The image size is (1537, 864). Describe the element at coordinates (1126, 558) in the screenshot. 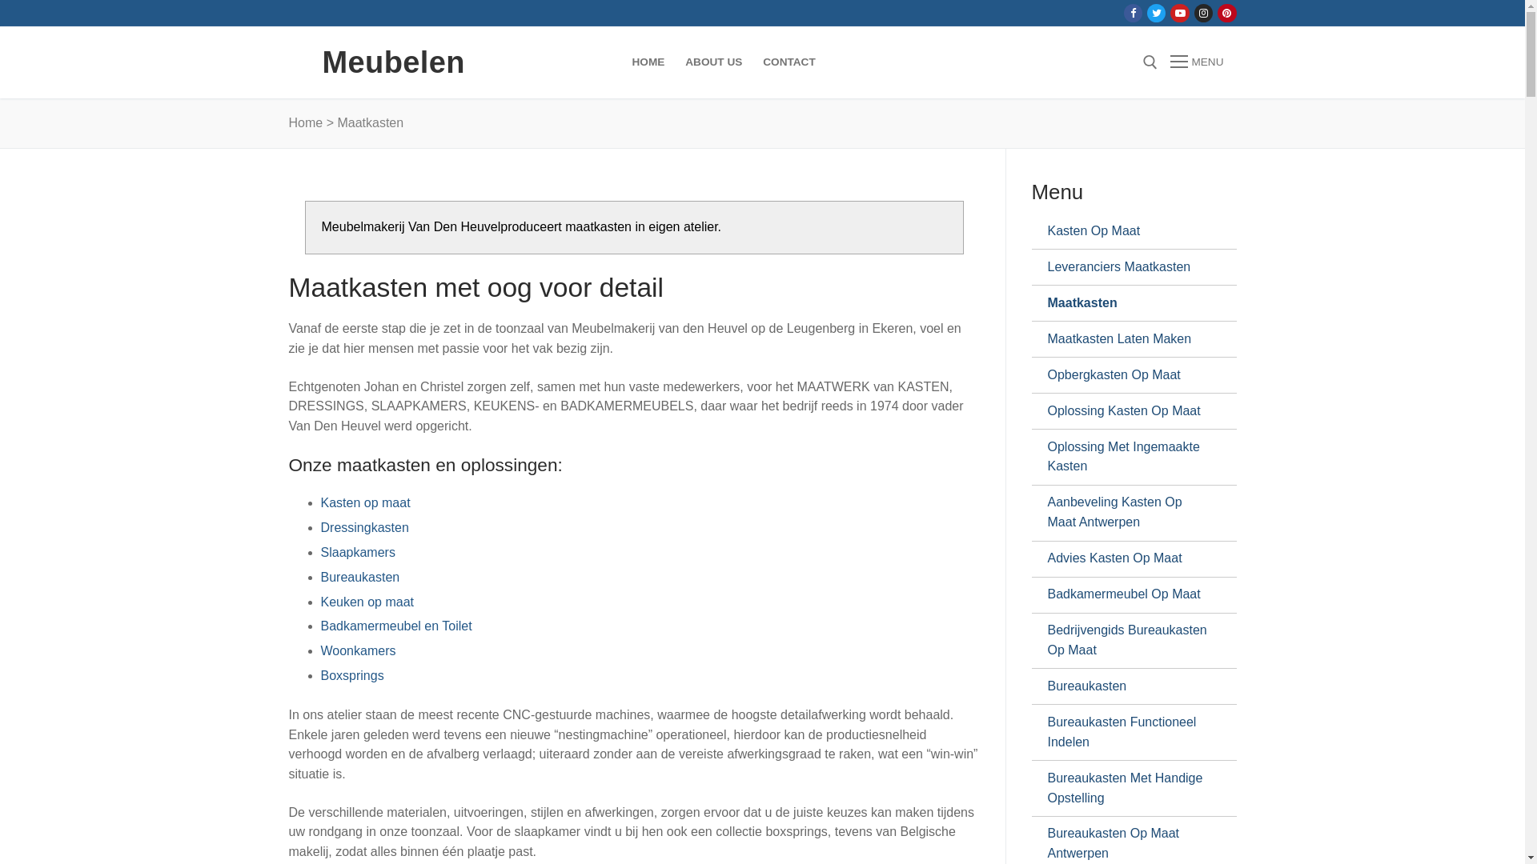

I see `'Advies Kasten Op Maat'` at that location.